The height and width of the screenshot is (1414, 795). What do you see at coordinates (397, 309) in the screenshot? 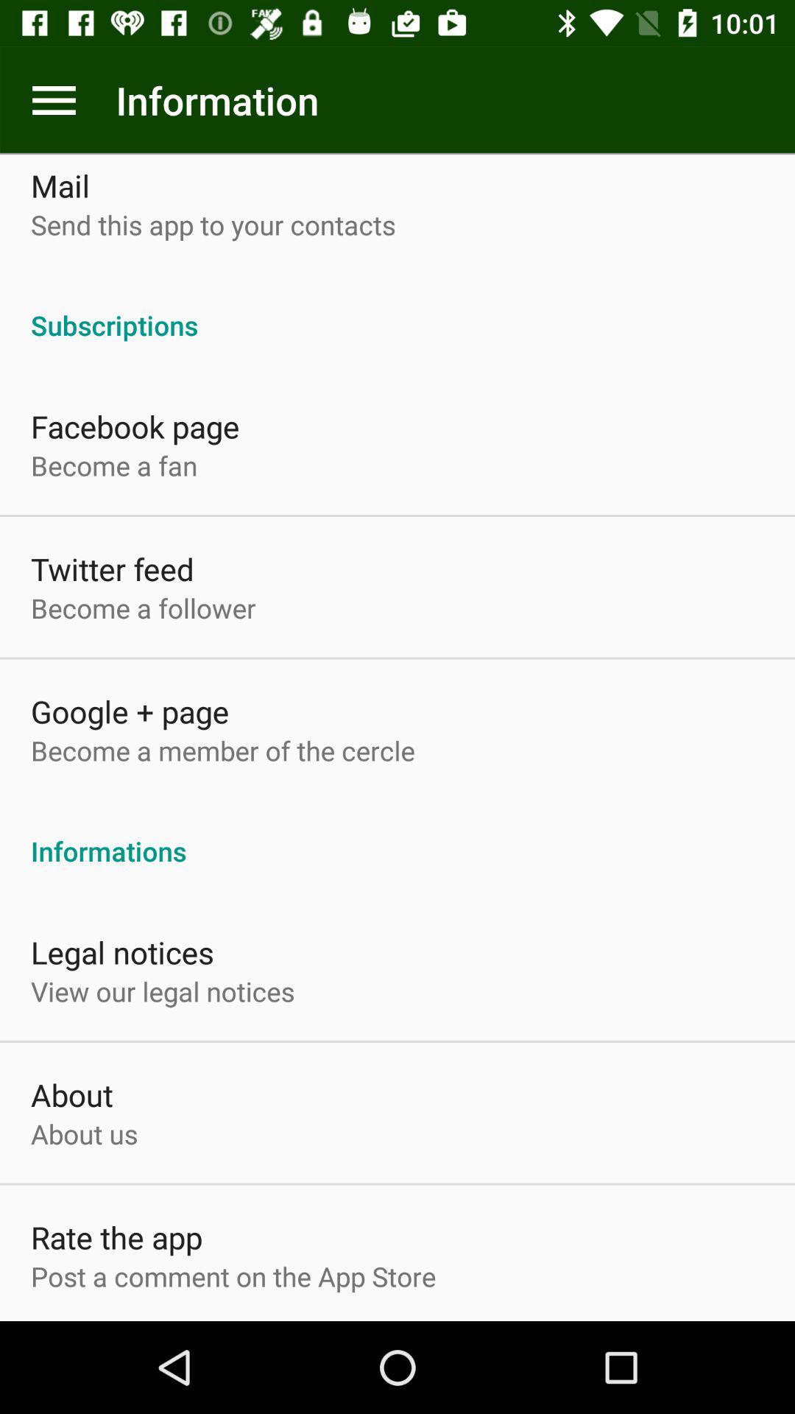
I see `item below send this app icon` at bounding box center [397, 309].